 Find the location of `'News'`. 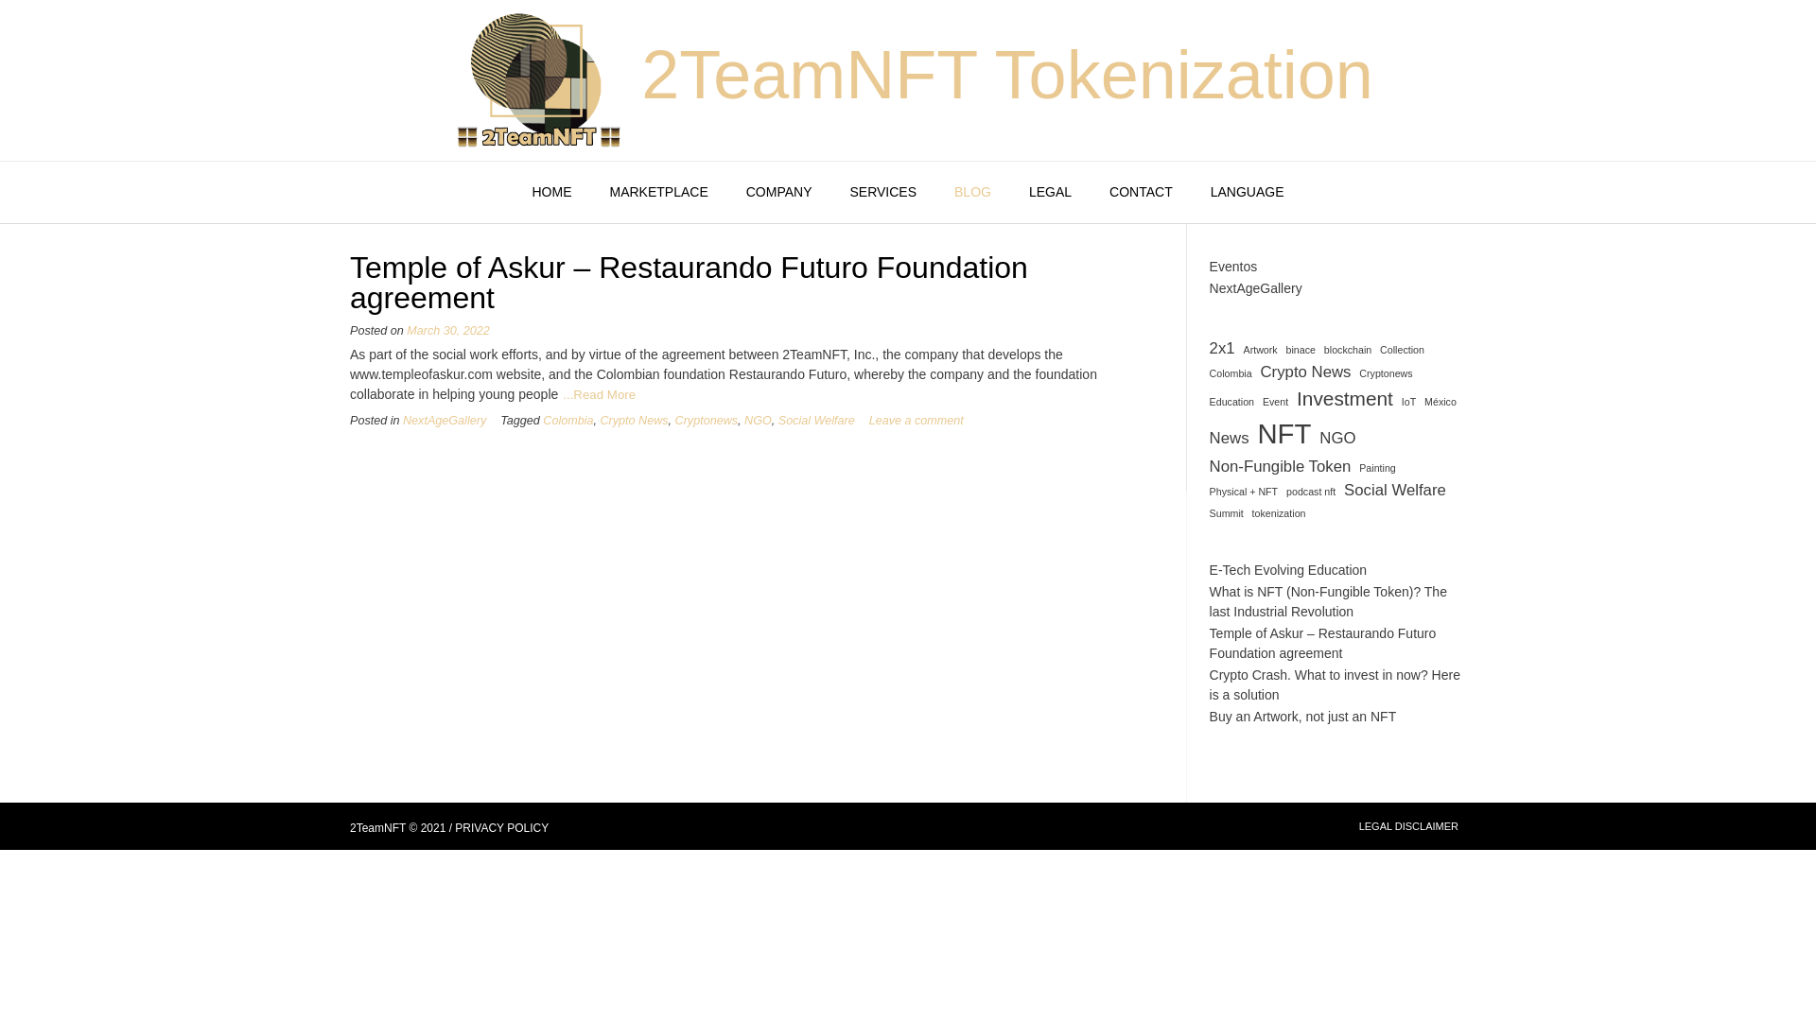

'News' is located at coordinates (1230, 438).